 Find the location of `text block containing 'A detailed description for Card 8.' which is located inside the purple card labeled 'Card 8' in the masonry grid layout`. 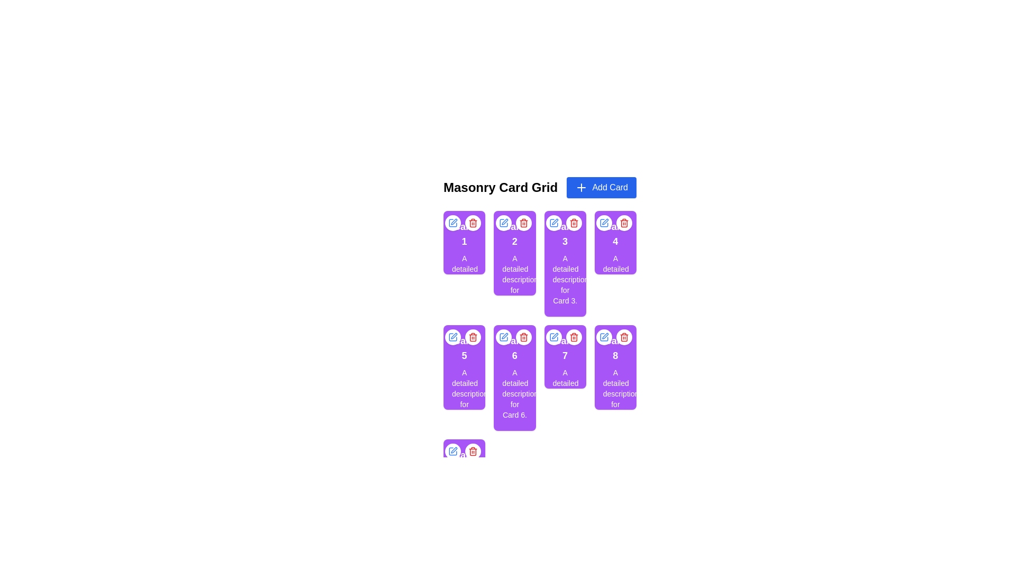

text block containing 'A detailed description for Card 8.' which is located inside the purple card labeled 'Card 8' in the masonry grid layout is located at coordinates (615, 393).